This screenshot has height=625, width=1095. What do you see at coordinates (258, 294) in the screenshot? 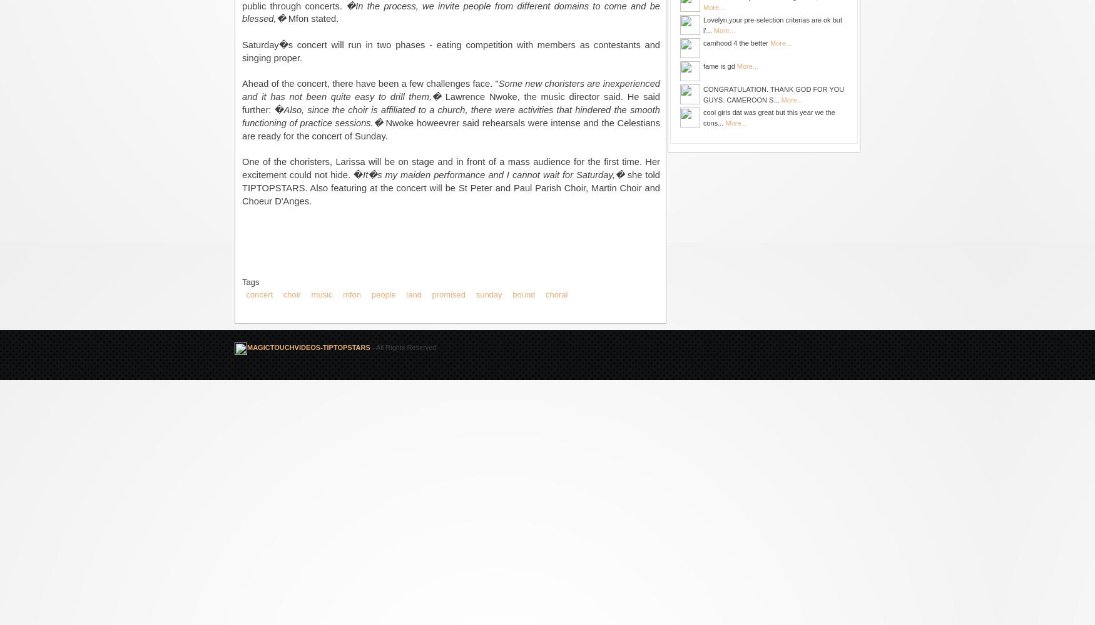
I see `'concert'` at bounding box center [258, 294].